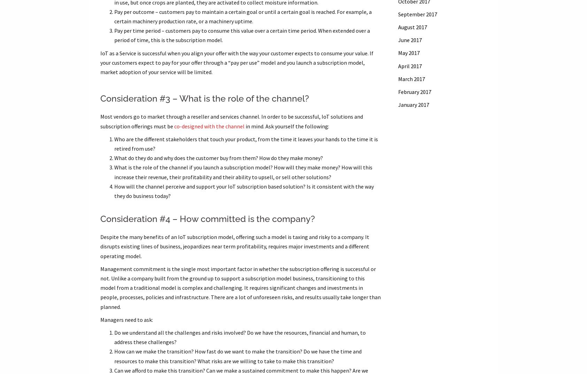 The width and height of the screenshot is (587, 374). Describe the element at coordinates (412, 27) in the screenshot. I see `'August 2017'` at that location.